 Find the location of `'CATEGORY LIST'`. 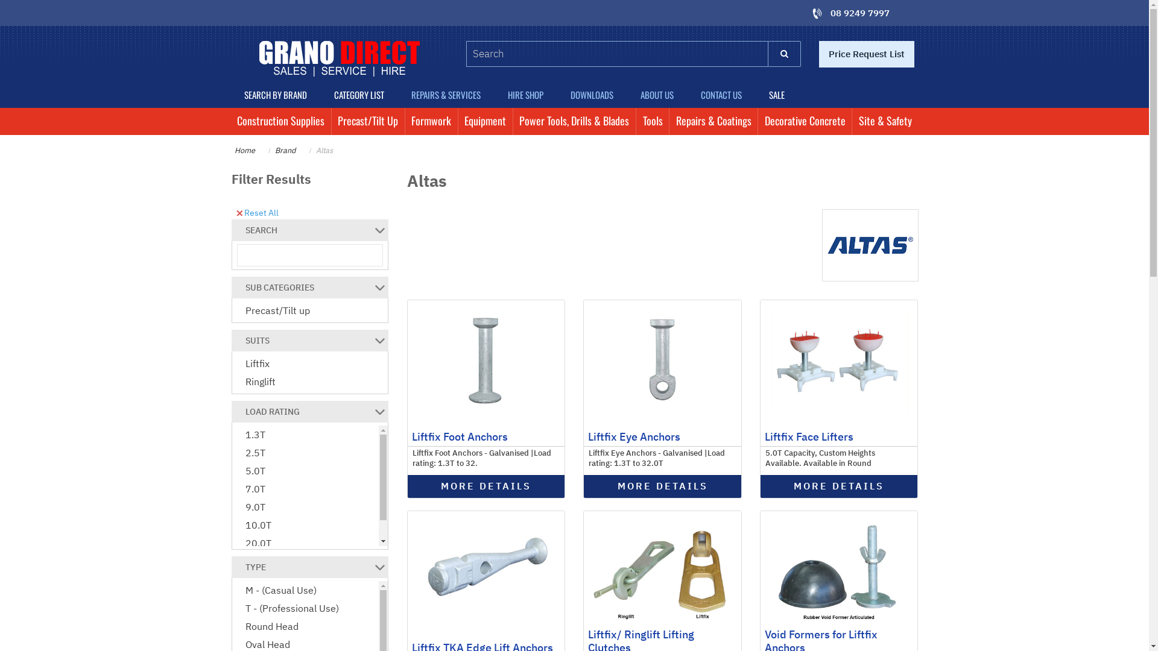

'CATEGORY LIST' is located at coordinates (358, 95).